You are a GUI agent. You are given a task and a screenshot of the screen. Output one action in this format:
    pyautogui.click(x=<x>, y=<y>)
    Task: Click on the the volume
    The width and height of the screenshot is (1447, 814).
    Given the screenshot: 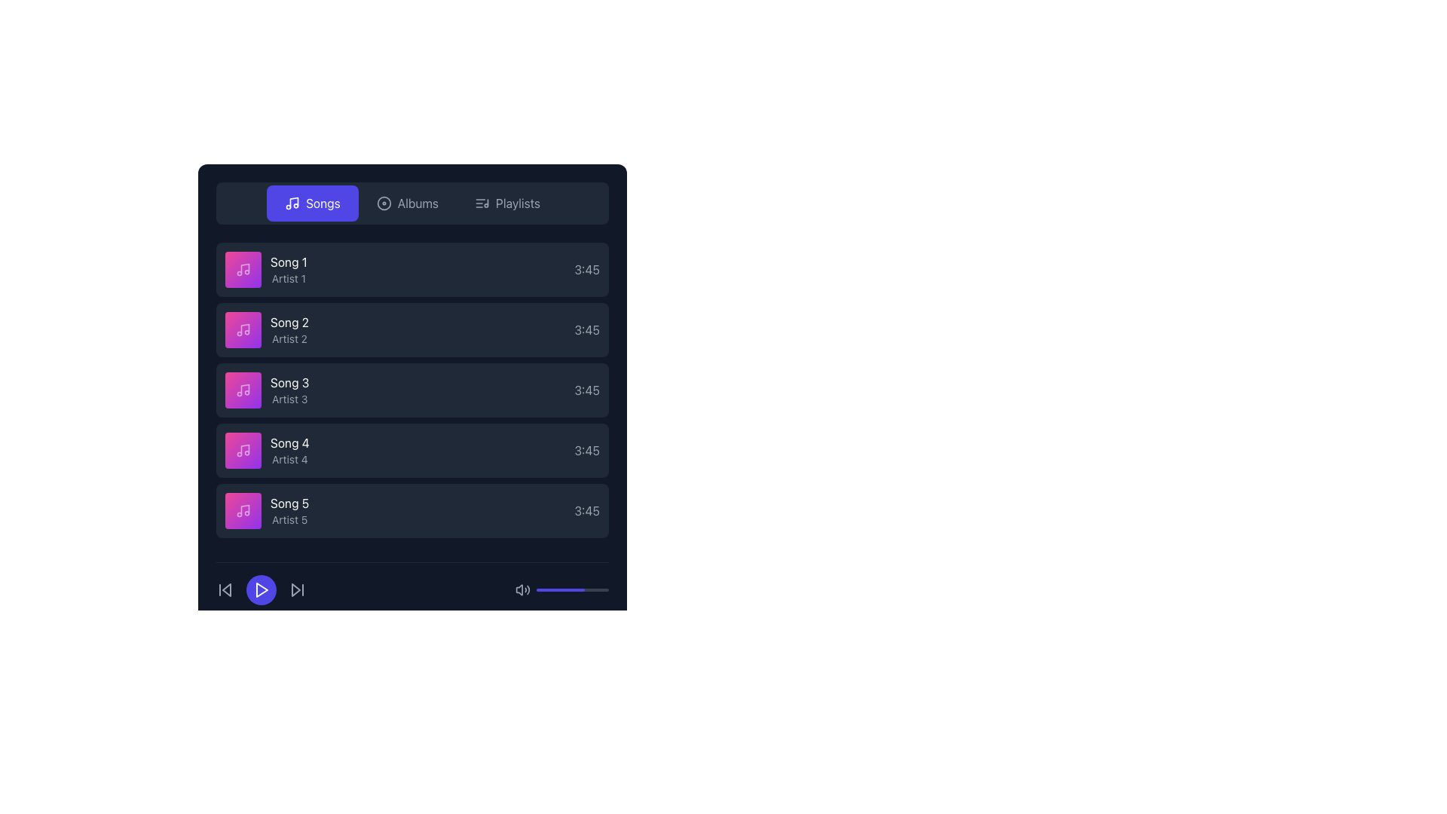 What is the action you would take?
    pyautogui.click(x=557, y=589)
    